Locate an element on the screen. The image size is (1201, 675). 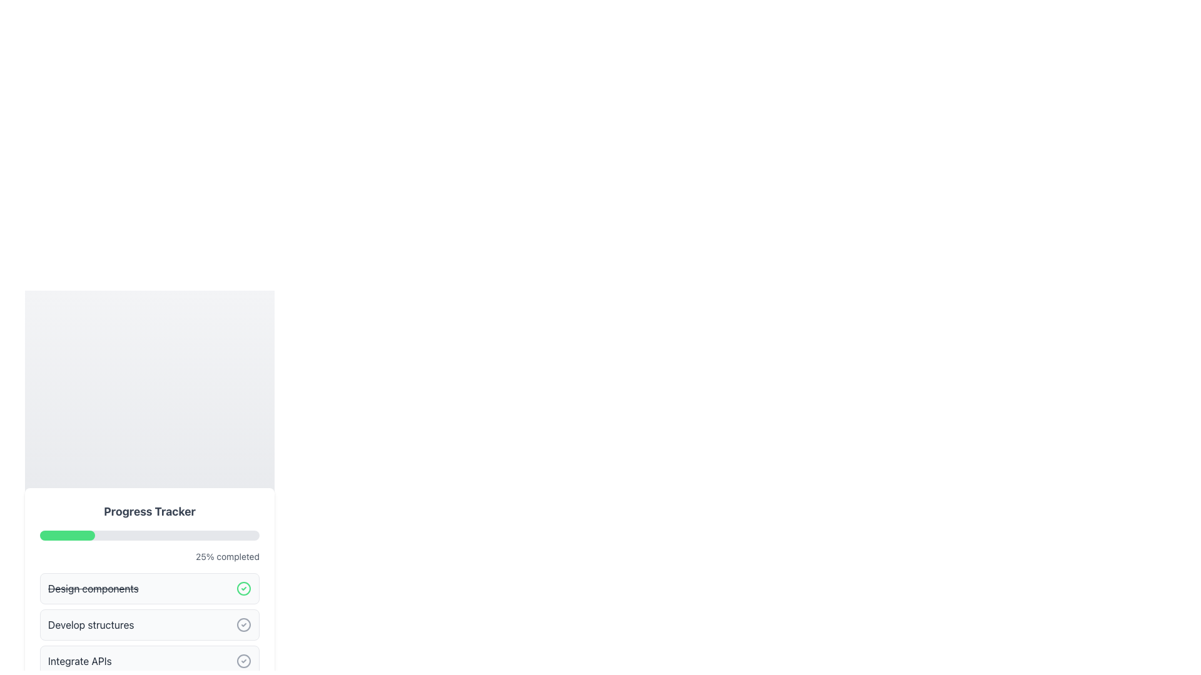
the Progress indicator which shows that 25% of the task has been completed in the 'Progress Tracker' section is located at coordinates (66, 534).